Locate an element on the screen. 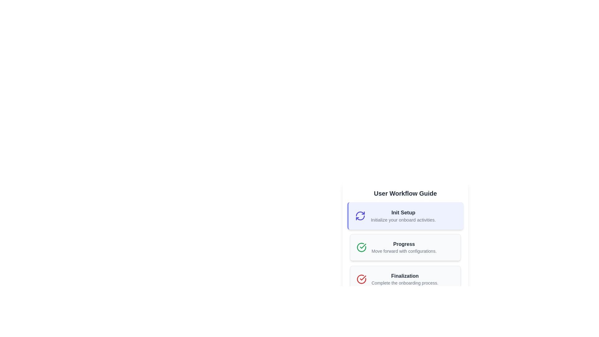 The width and height of the screenshot is (599, 337). the circular indigo icon with arrows forming a cycle, located to the left of the 'Init Setup' text in the 'User Workflow Guide' section is located at coordinates (360, 215).